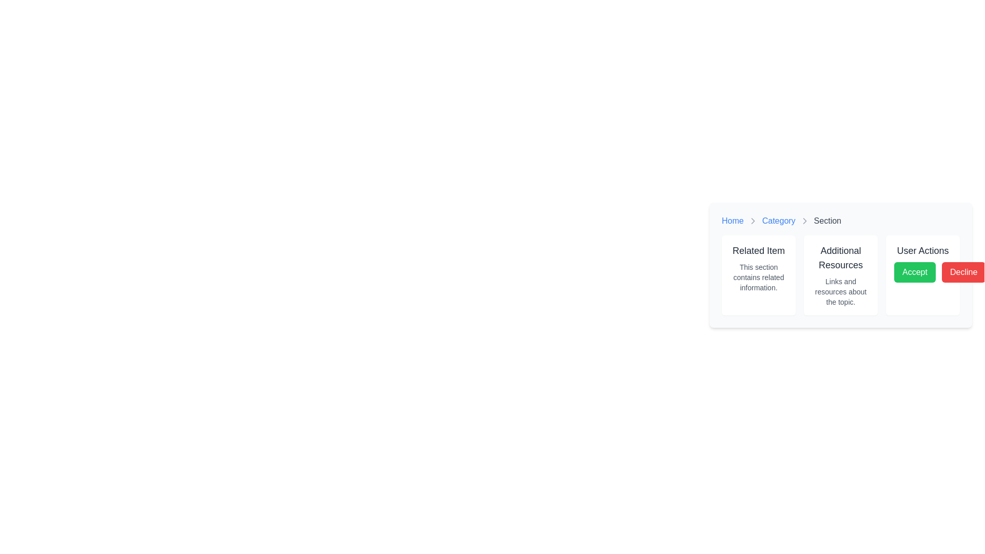 This screenshot has height=554, width=985. What do you see at coordinates (779, 221) in the screenshot?
I see `the interactive hyperlink text in the breadcrumb navigation` at bounding box center [779, 221].